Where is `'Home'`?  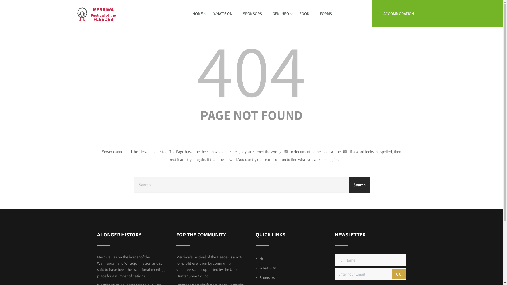
'Home' is located at coordinates (262, 258).